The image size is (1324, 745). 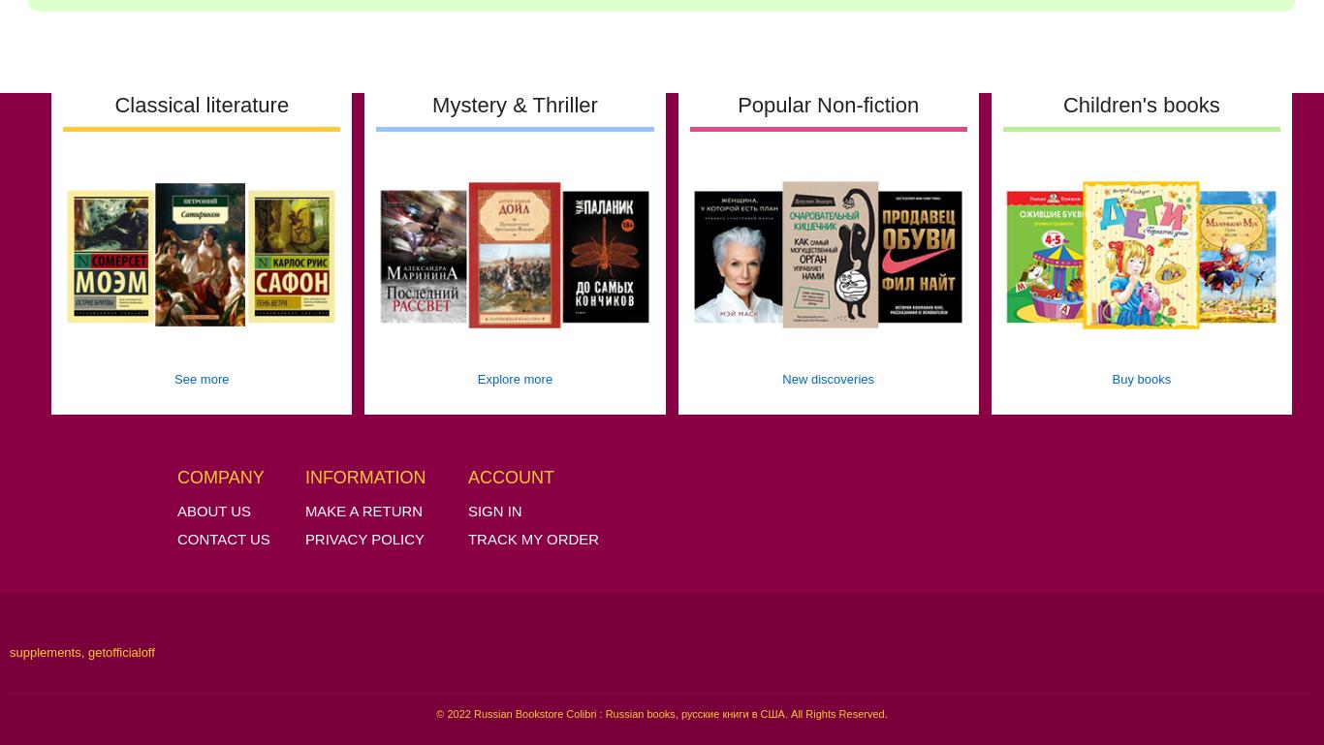 What do you see at coordinates (494, 510) in the screenshot?
I see `'Sign in'` at bounding box center [494, 510].